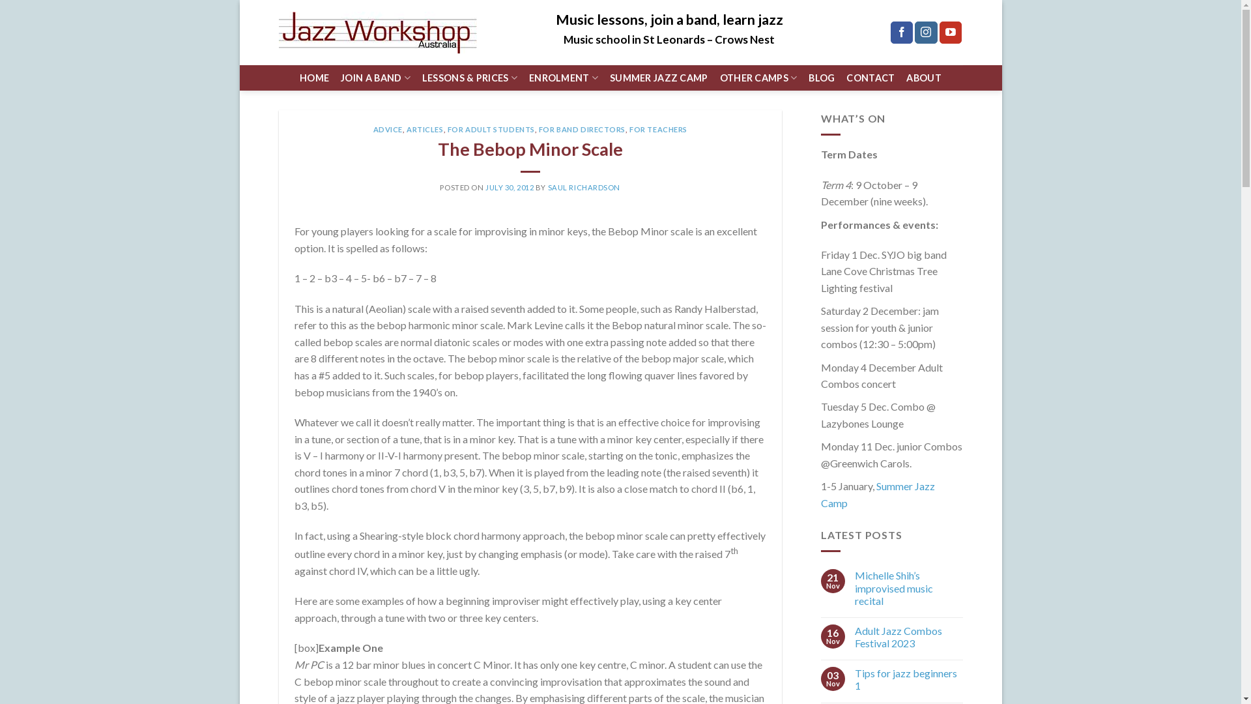  What do you see at coordinates (878, 494) in the screenshot?
I see `'Summer Jazz Camp'` at bounding box center [878, 494].